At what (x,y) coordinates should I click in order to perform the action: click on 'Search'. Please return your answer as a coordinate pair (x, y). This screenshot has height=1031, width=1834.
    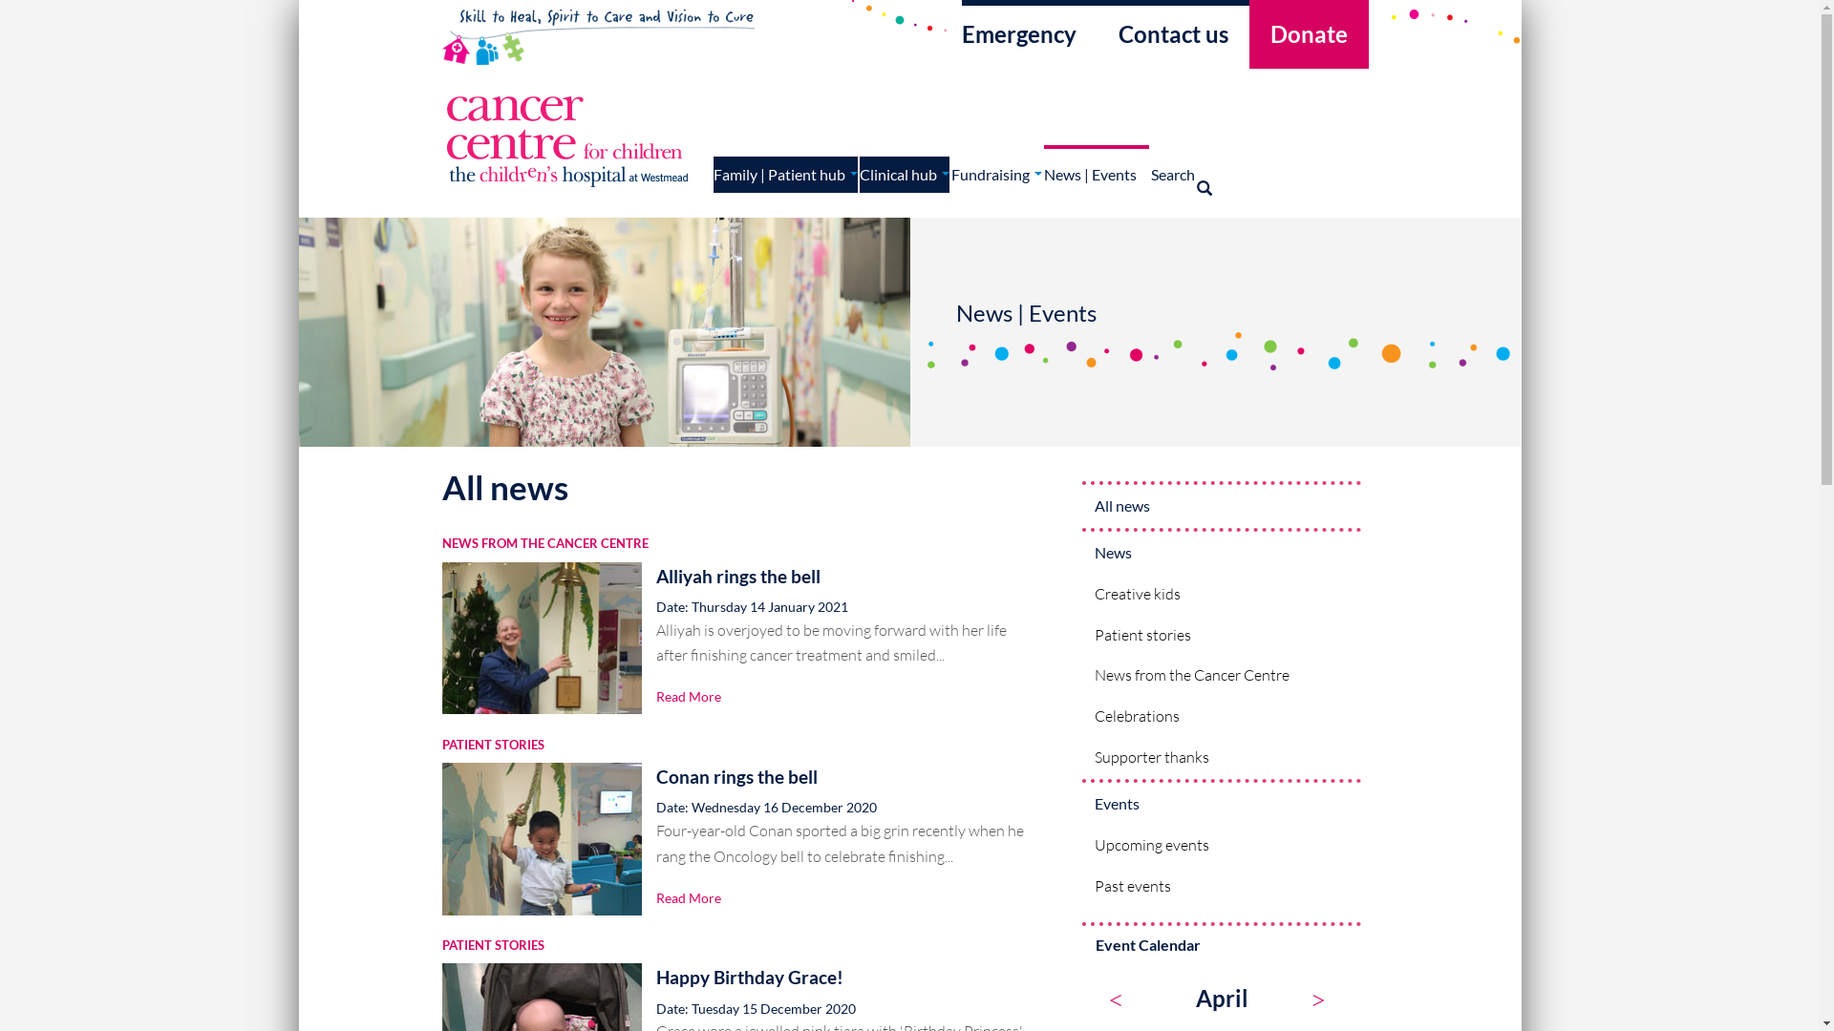
    Looking at the image, I should click on (1149, 168).